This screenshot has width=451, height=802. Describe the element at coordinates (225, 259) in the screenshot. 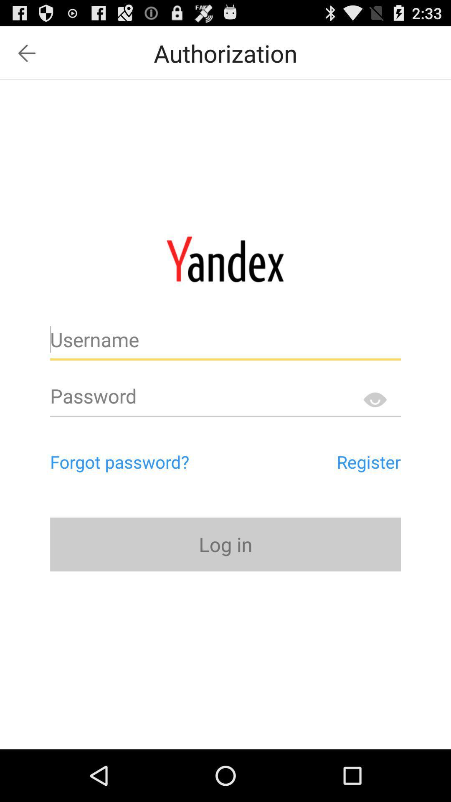

I see `the item below authorization icon` at that location.